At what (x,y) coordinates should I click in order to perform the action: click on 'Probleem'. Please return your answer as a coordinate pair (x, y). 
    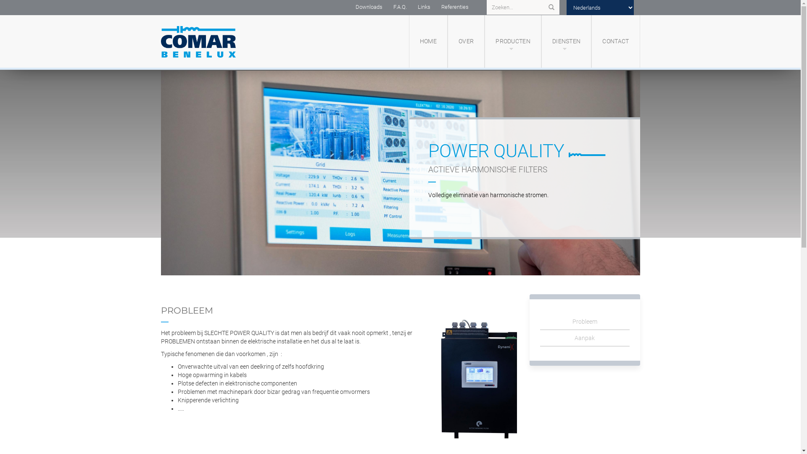
    Looking at the image, I should click on (540, 322).